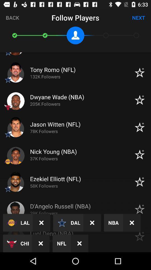 This screenshot has width=151, height=270. Describe the element at coordinates (139, 100) in the screenshot. I see `the star symbol to the right of dwyane wadenba` at that location.